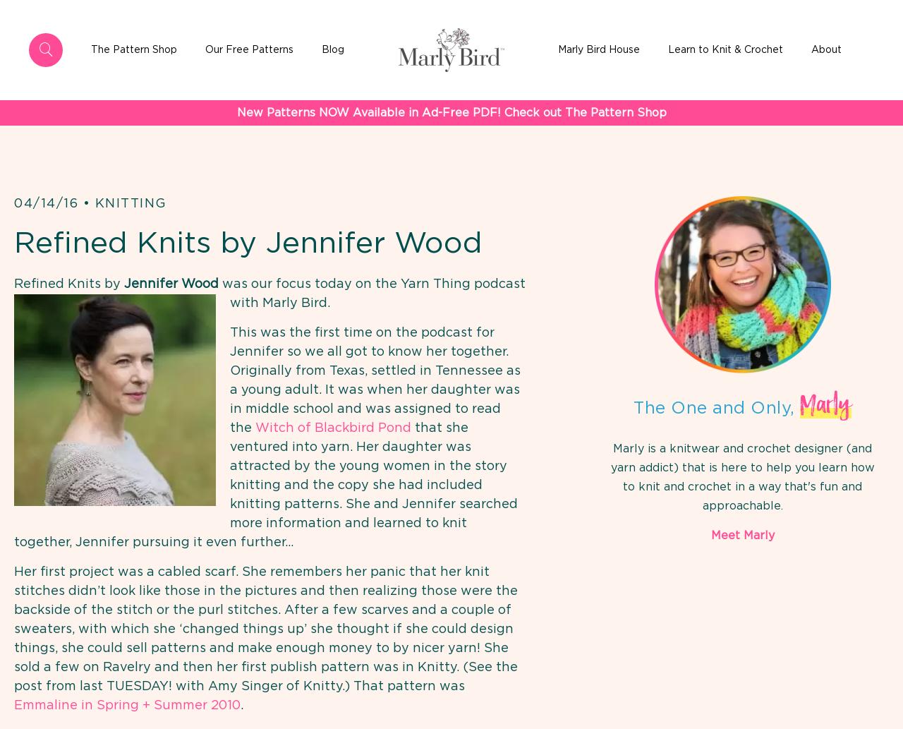 This screenshot has width=903, height=729. I want to click on '04/14/16', so click(13, 203).